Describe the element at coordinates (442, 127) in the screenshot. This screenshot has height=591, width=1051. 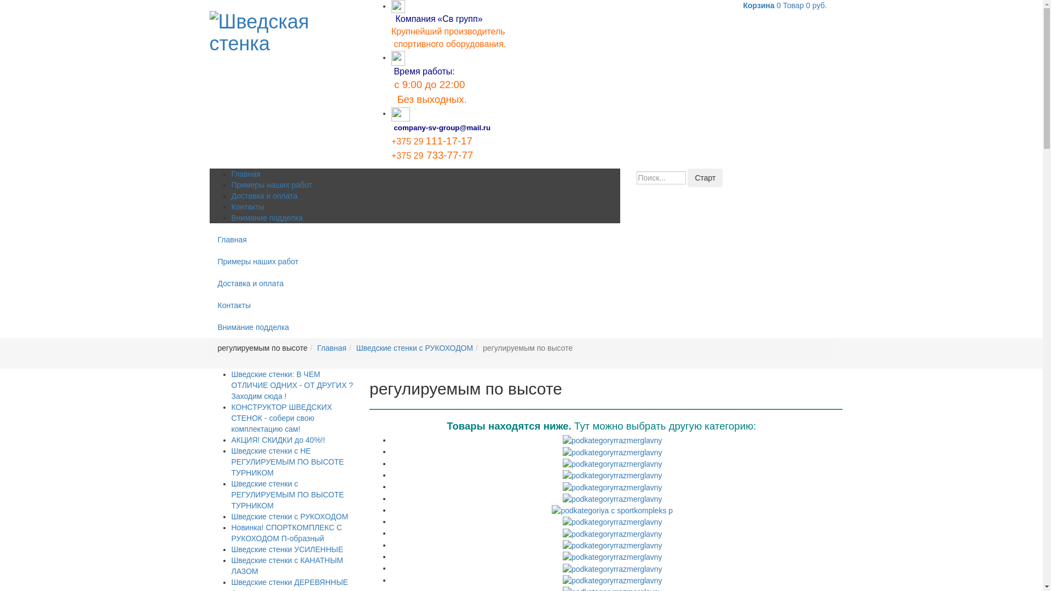
I see `'company-sv-group@mail.ru'` at that location.